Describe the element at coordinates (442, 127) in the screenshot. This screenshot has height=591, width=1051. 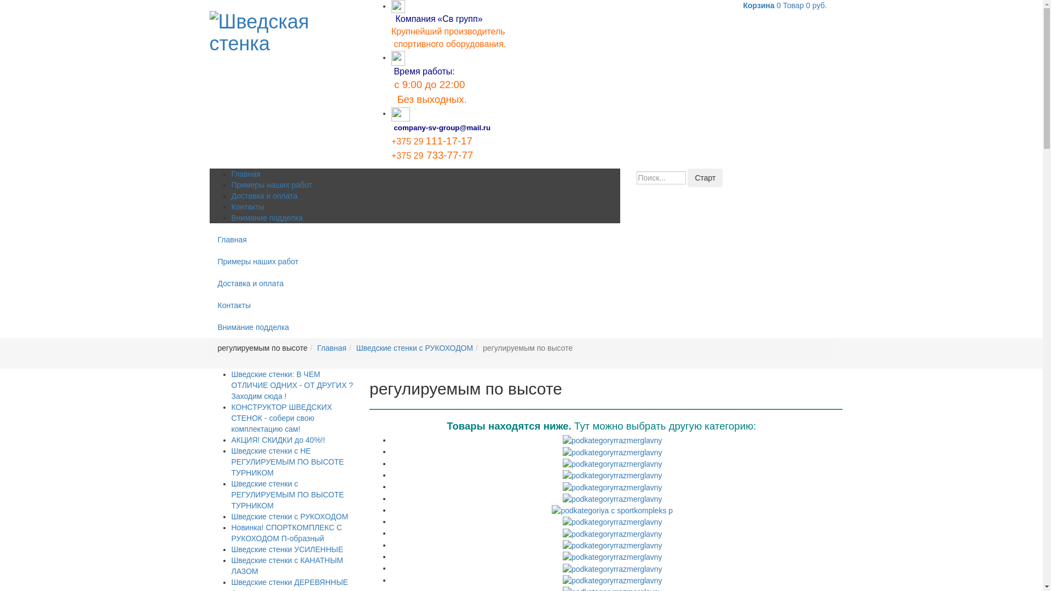
I see `'company-sv-group@mail.ru'` at that location.